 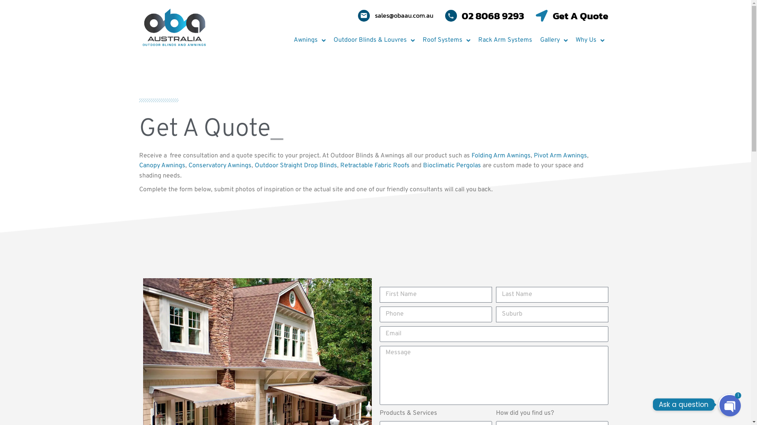 I want to click on 'Outdoor Blinds & Louvres', so click(x=329, y=41).